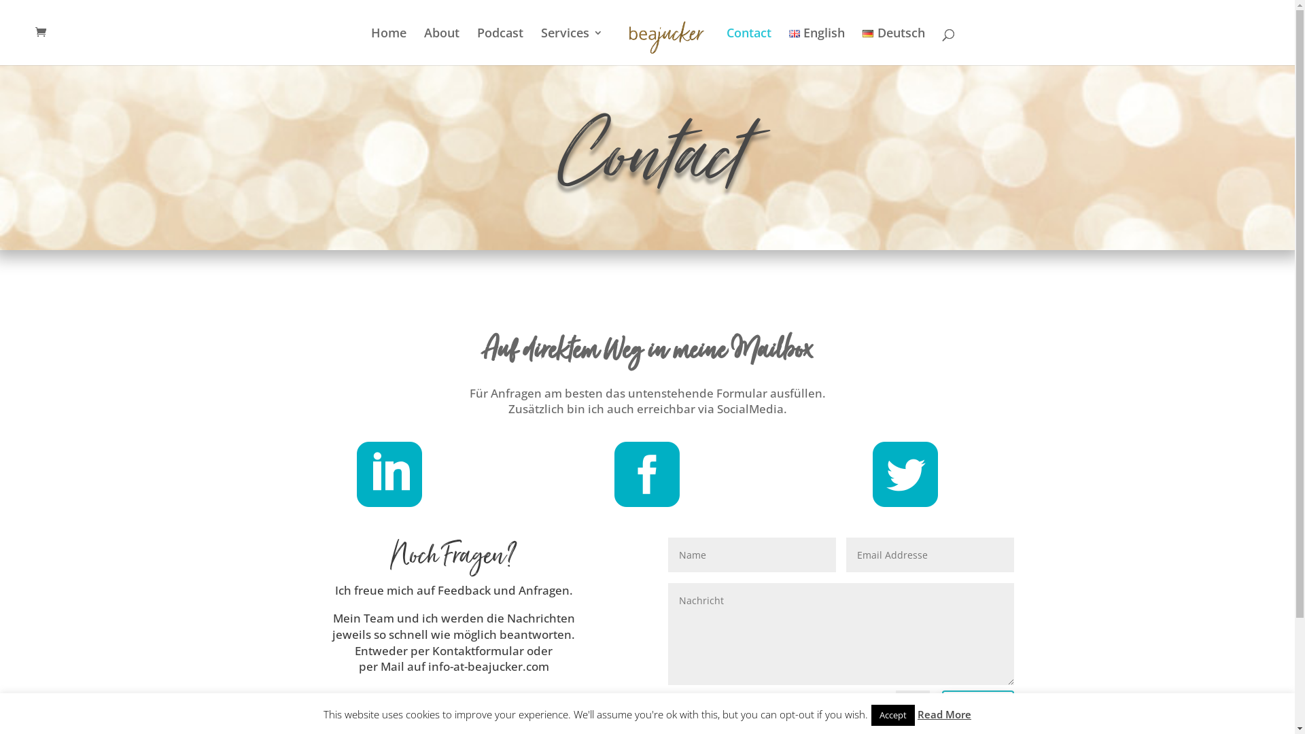 Image resolution: width=1305 pixels, height=734 pixels. What do you see at coordinates (499, 46) in the screenshot?
I see `'Podcast'` at bounding box center [499, 46].